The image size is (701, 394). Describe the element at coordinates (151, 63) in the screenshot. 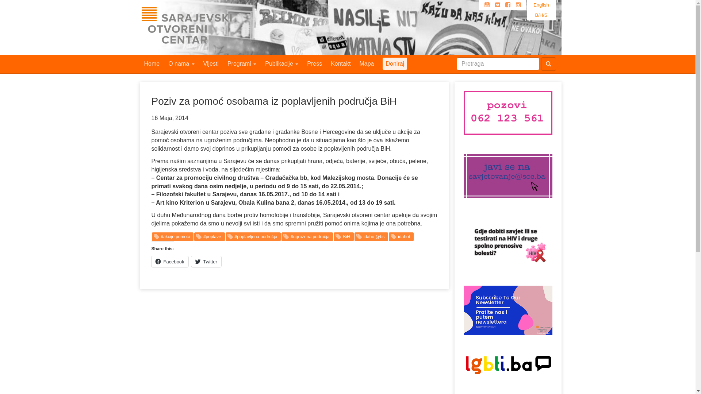

I see `'Home'` at that location.